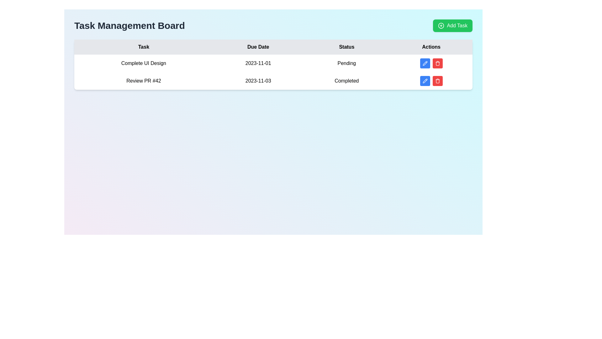 The width and height of the screenshot is (602, 339). I want to click on the pencil icon button in the second row of the actions column, so click(425, 81).